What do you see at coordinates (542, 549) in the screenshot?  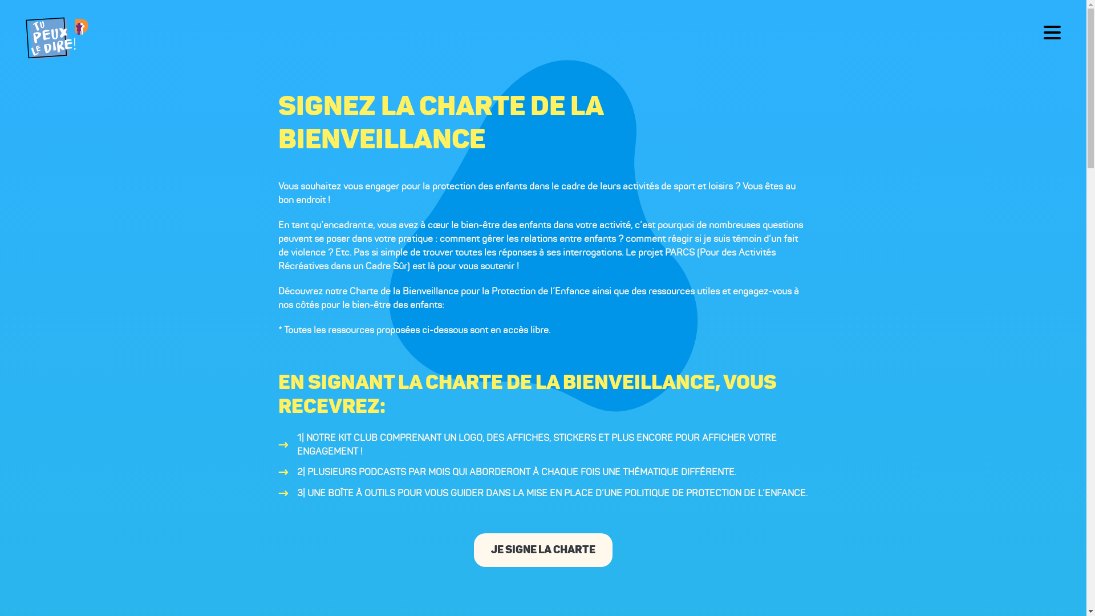 I see `'JE SIGNE LA CHARTE'` at bounding box center [542, 549].